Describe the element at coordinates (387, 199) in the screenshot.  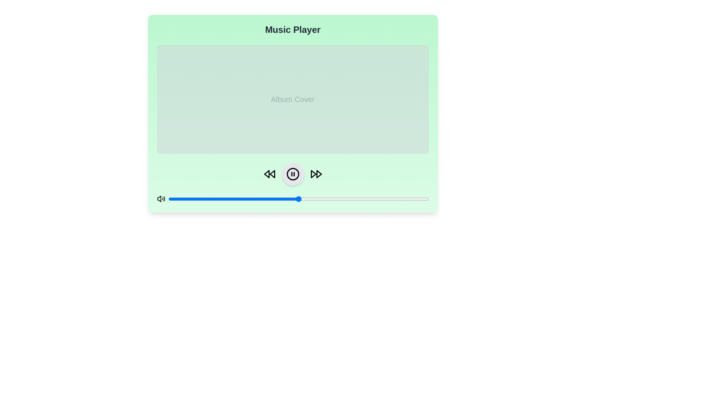
I see `volume level` at that location.